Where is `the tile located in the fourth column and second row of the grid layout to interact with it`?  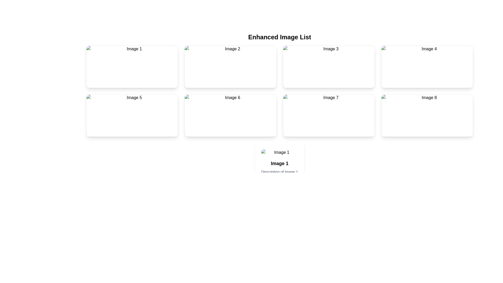
the tile located in the fourth column and second row of the grid layout to interact with it is located at coordinates (427, 115).